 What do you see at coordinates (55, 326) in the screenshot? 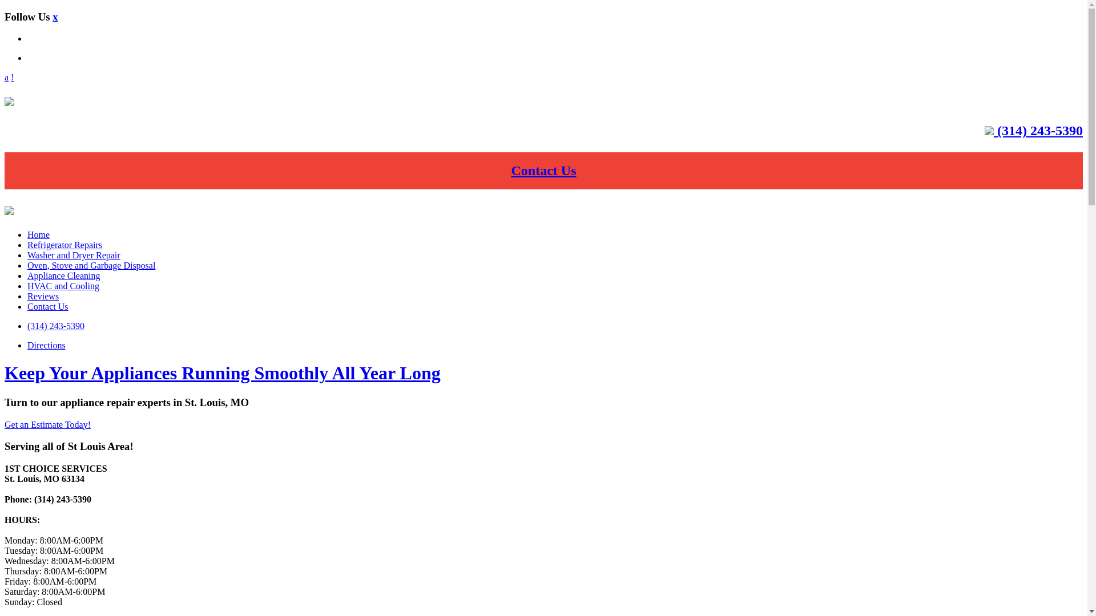
I see `'(314) 243-5390'` at bounding box center [55, 326].